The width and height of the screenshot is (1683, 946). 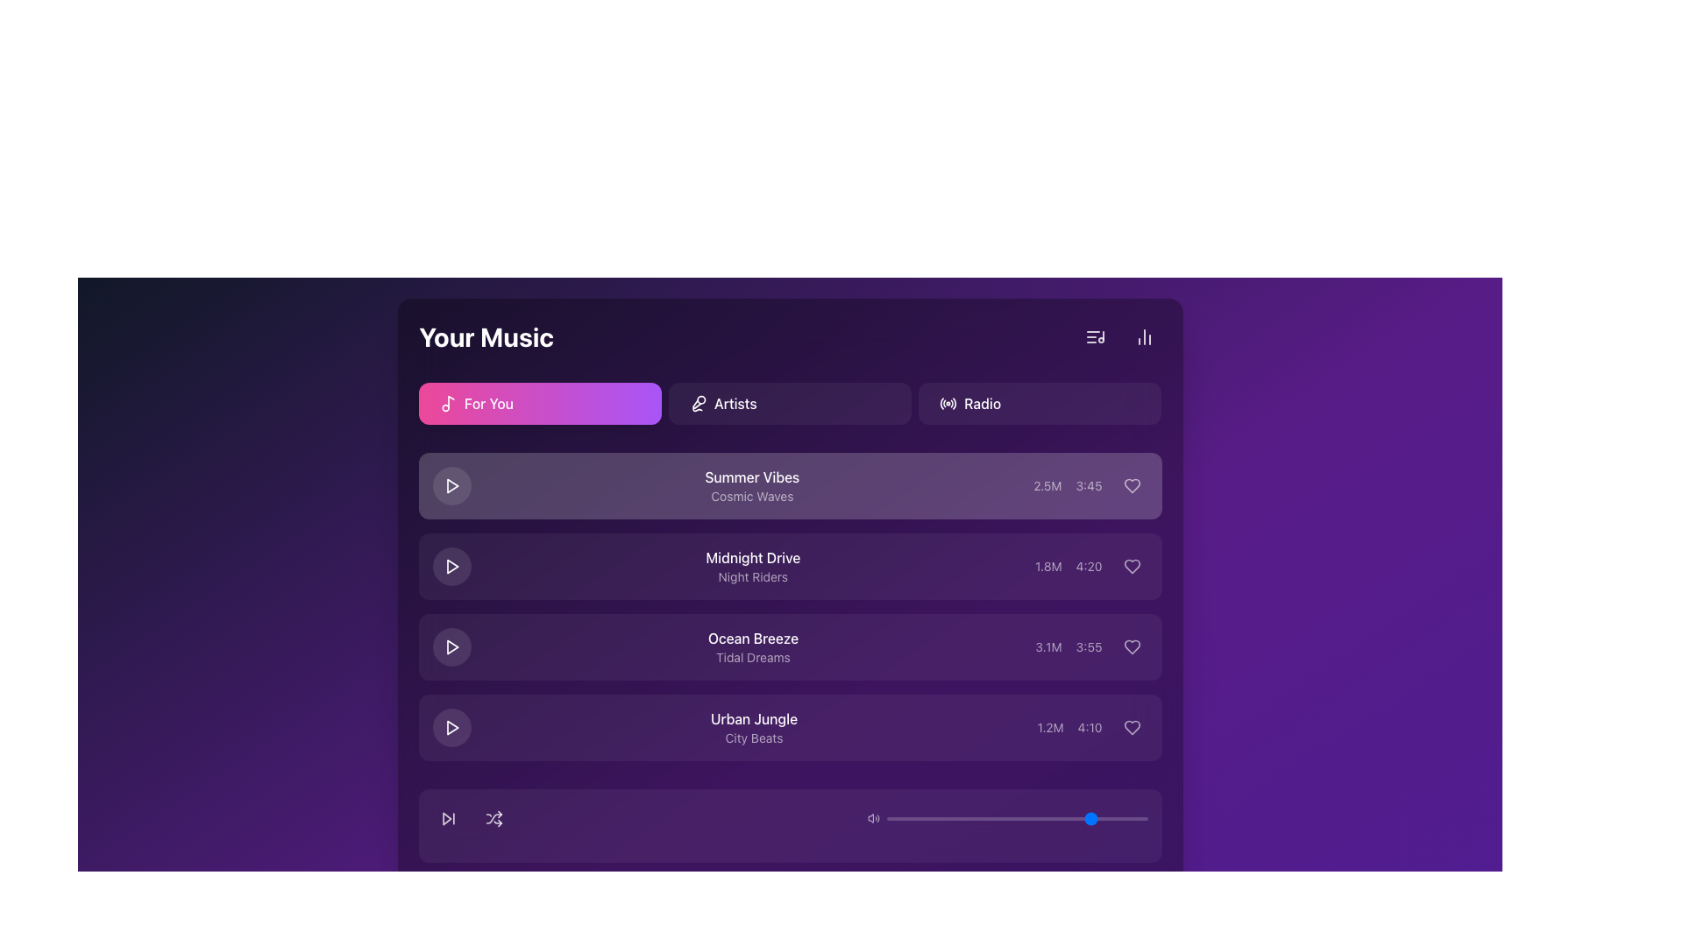 What do you see at coordinates (1132, 647) in the screenshot?
I see `the heart-shaped icon indicating a favorite for the track 'Ocean Breeze' by 'Tidal Dreams'` at bounding box center [1132, 647].